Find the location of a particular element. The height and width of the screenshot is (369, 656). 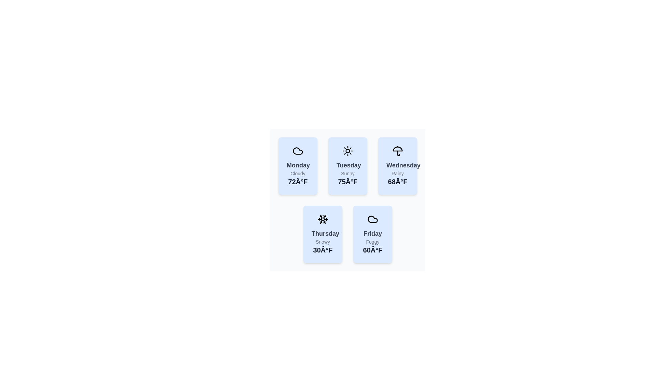

the dark-toned decorative graphic forming the top part of the umbrella icon within the 'Wednesday Rainy 68°F' weather card, which is the third card in the top horizontal row is located at coordinates (397, 148).